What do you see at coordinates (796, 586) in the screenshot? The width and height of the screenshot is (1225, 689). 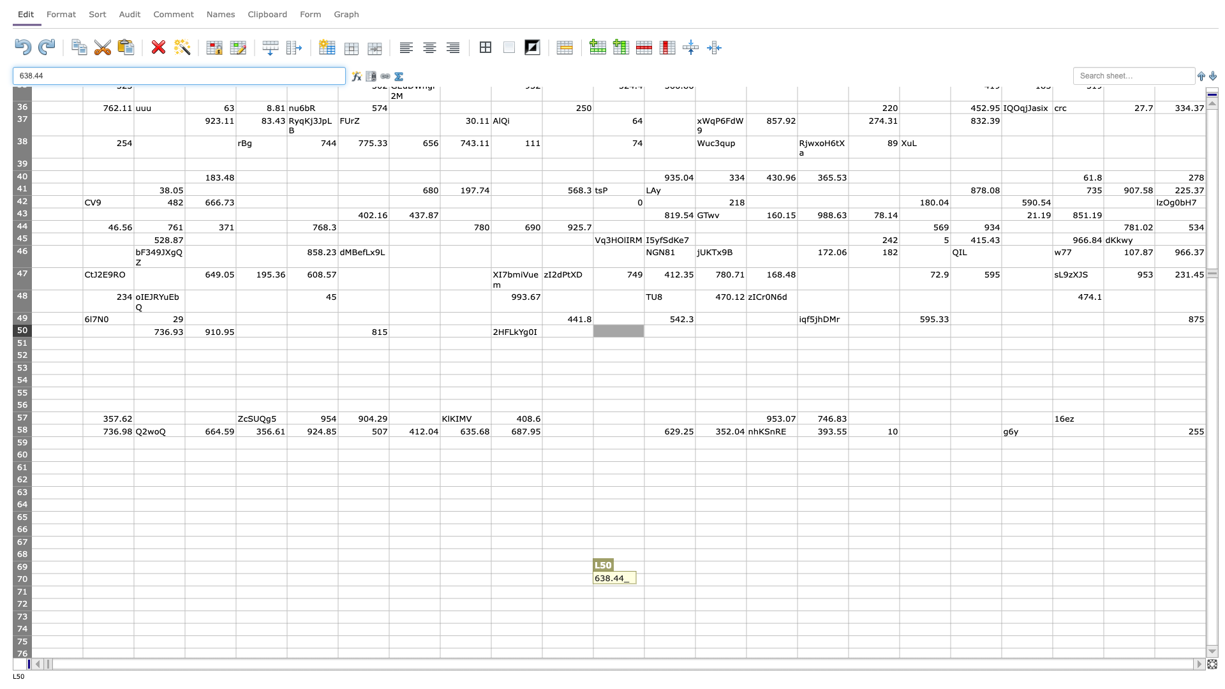 I see `bottom right corner of O70` at bounding box center [796, 586].